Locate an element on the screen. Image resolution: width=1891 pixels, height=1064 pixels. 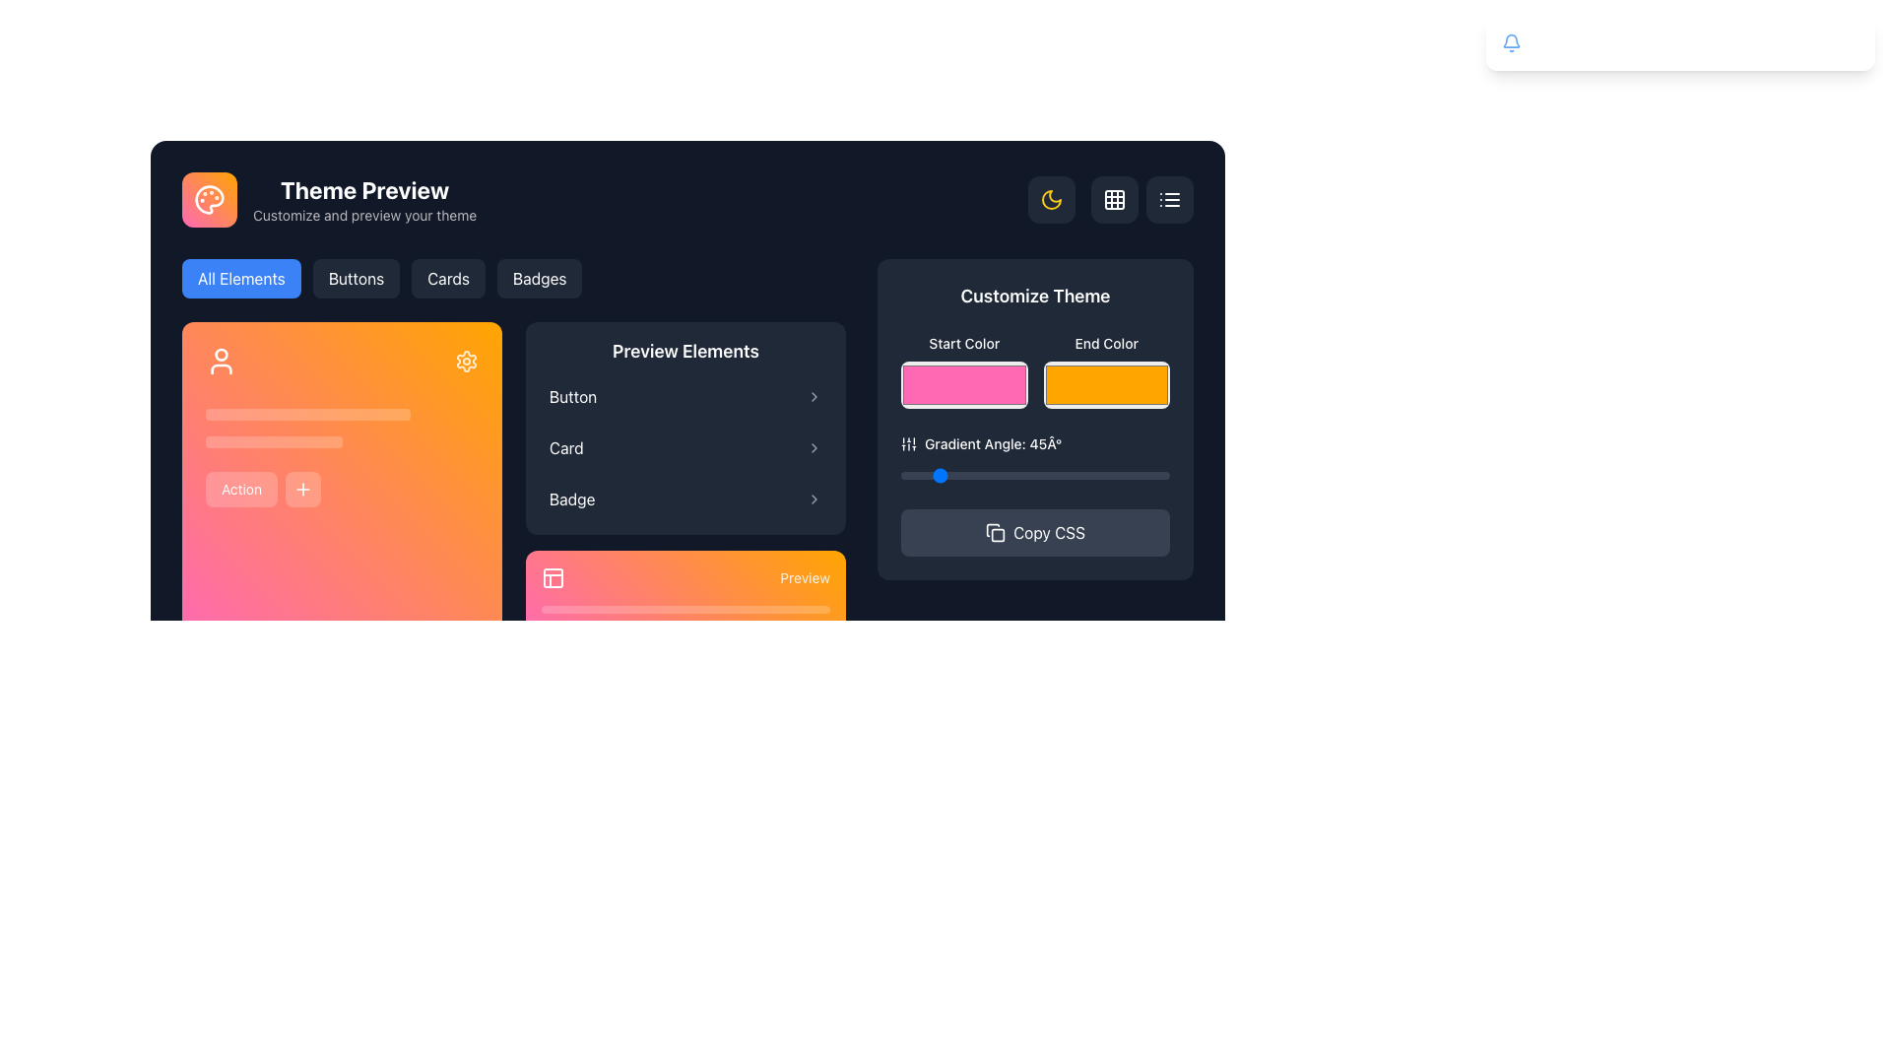
the Text label which serves as a title or header for the associated content below, positioned centrally near the top left of the page is located at coordinates (364, 189).